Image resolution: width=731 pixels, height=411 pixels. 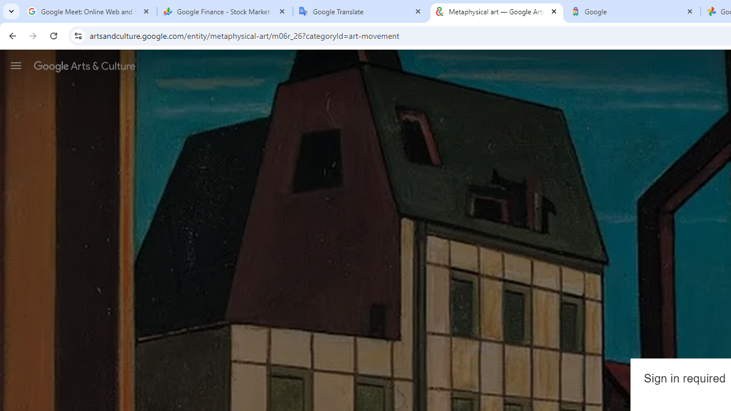 I want to click on 'Menu', so click(x=16, y=65).